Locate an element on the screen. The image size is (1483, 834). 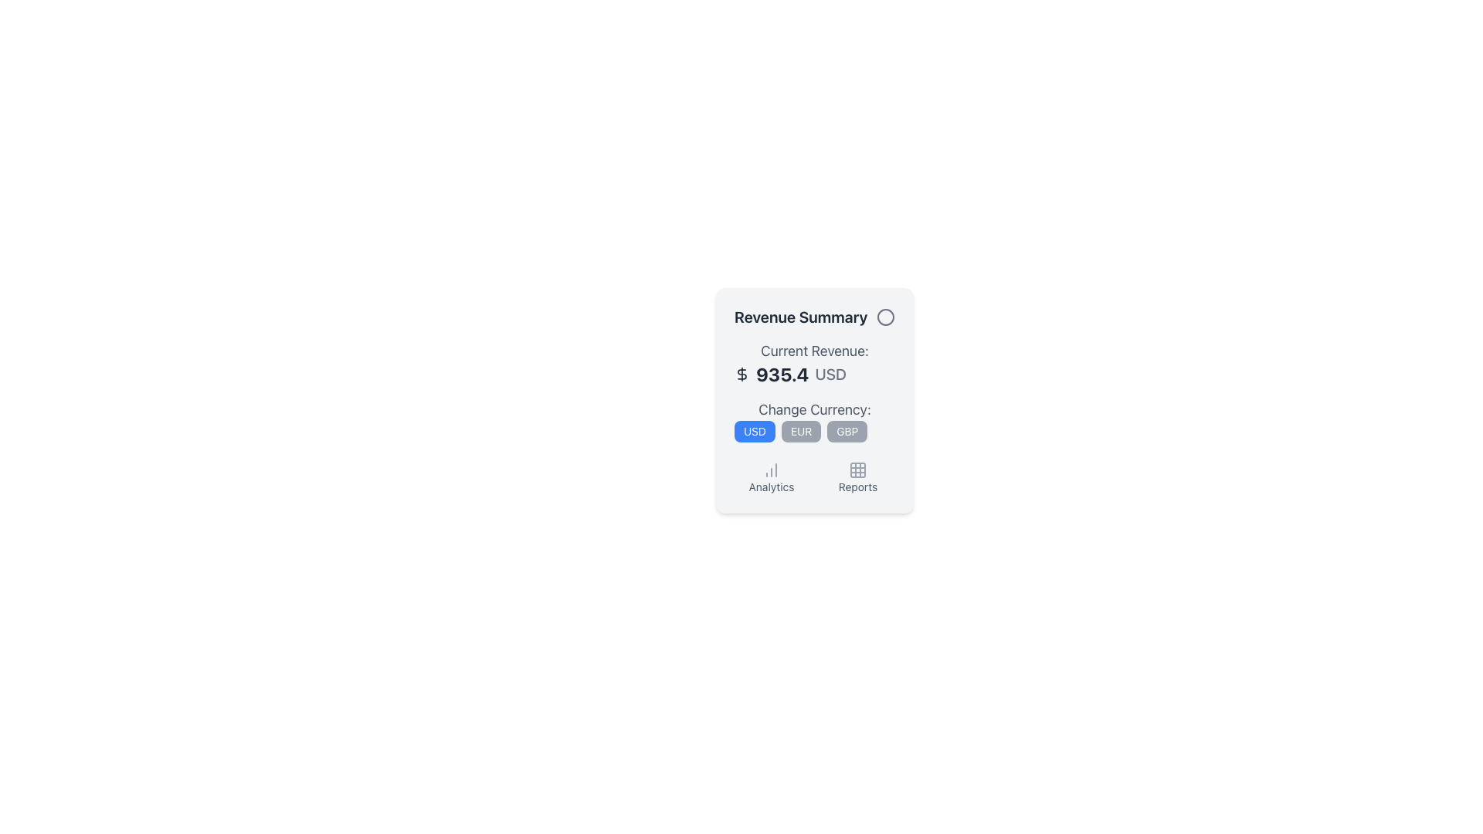
the icon located in the top-right corner of the 'Revenue Summary' card, adjacent to the title text is located at coordinates (886, 317).